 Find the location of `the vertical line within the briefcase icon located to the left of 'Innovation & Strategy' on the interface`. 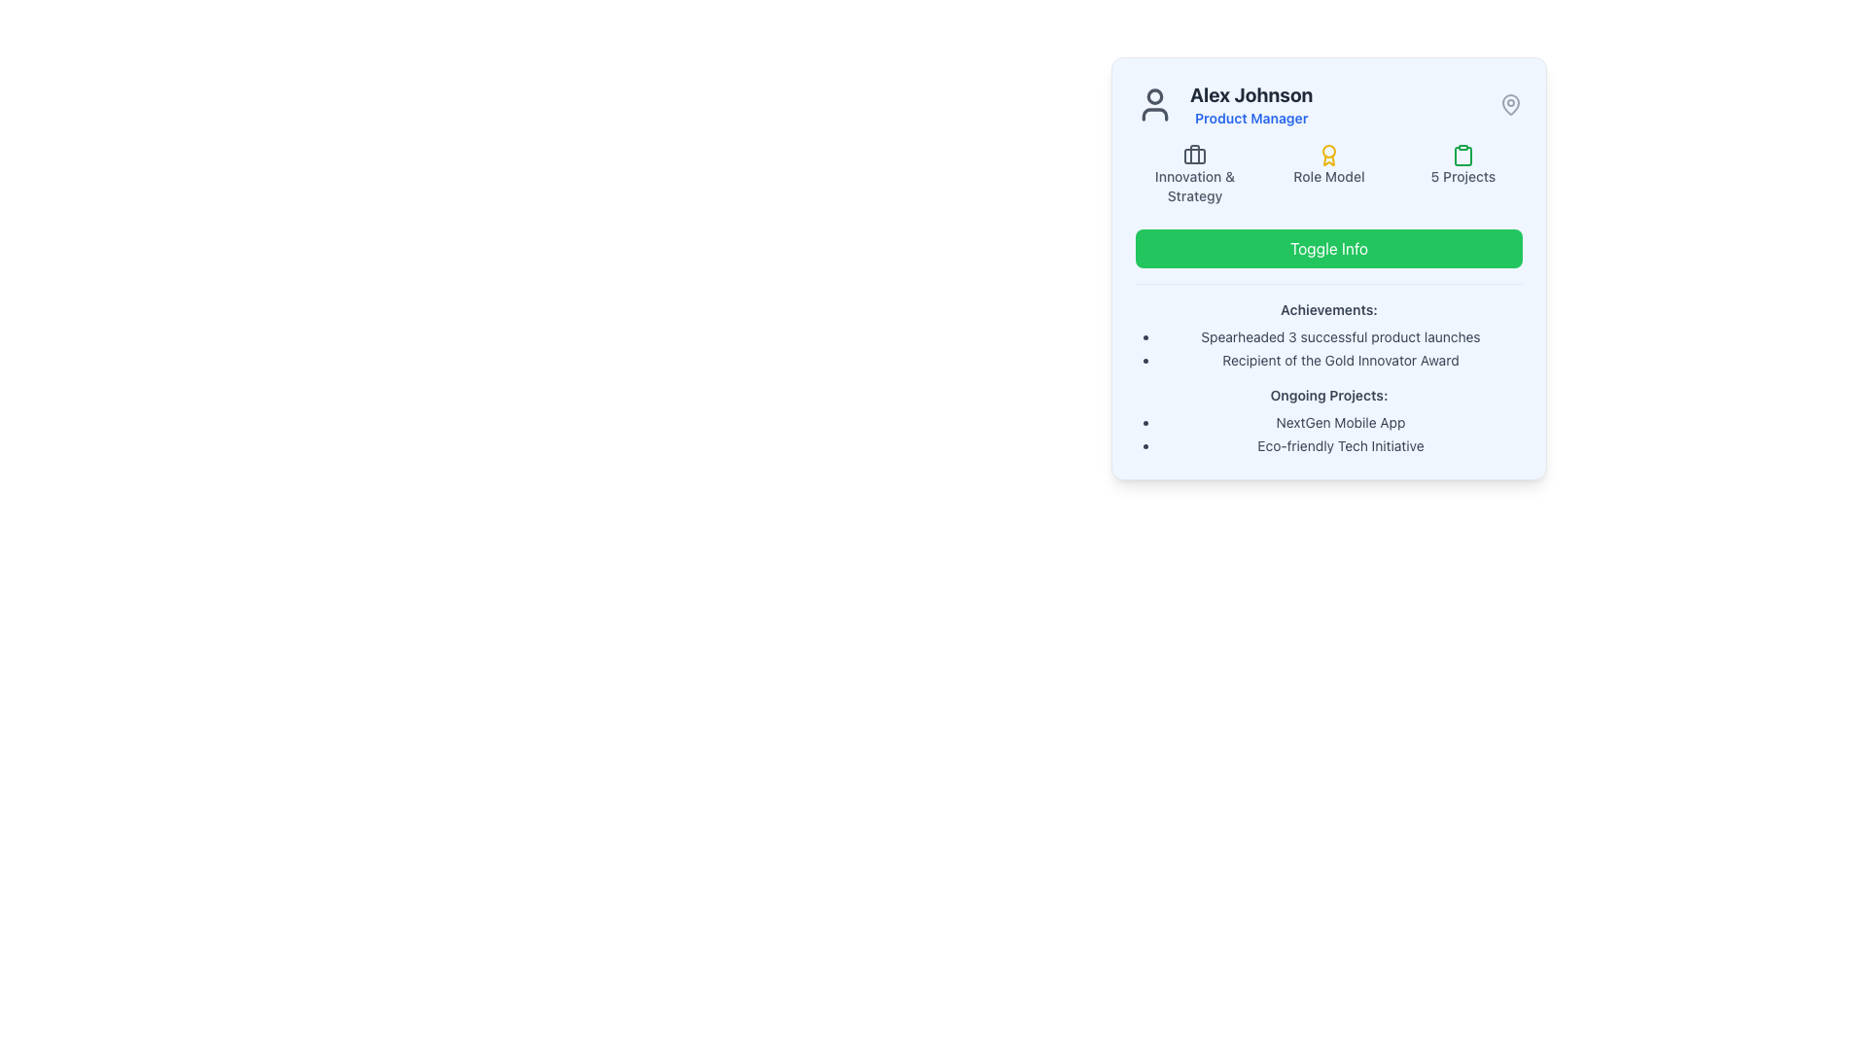

the vertical line within the briefcase icon located to the left of 'Innovation & Strategy' on the interface is located at coordinates (1193, 153).